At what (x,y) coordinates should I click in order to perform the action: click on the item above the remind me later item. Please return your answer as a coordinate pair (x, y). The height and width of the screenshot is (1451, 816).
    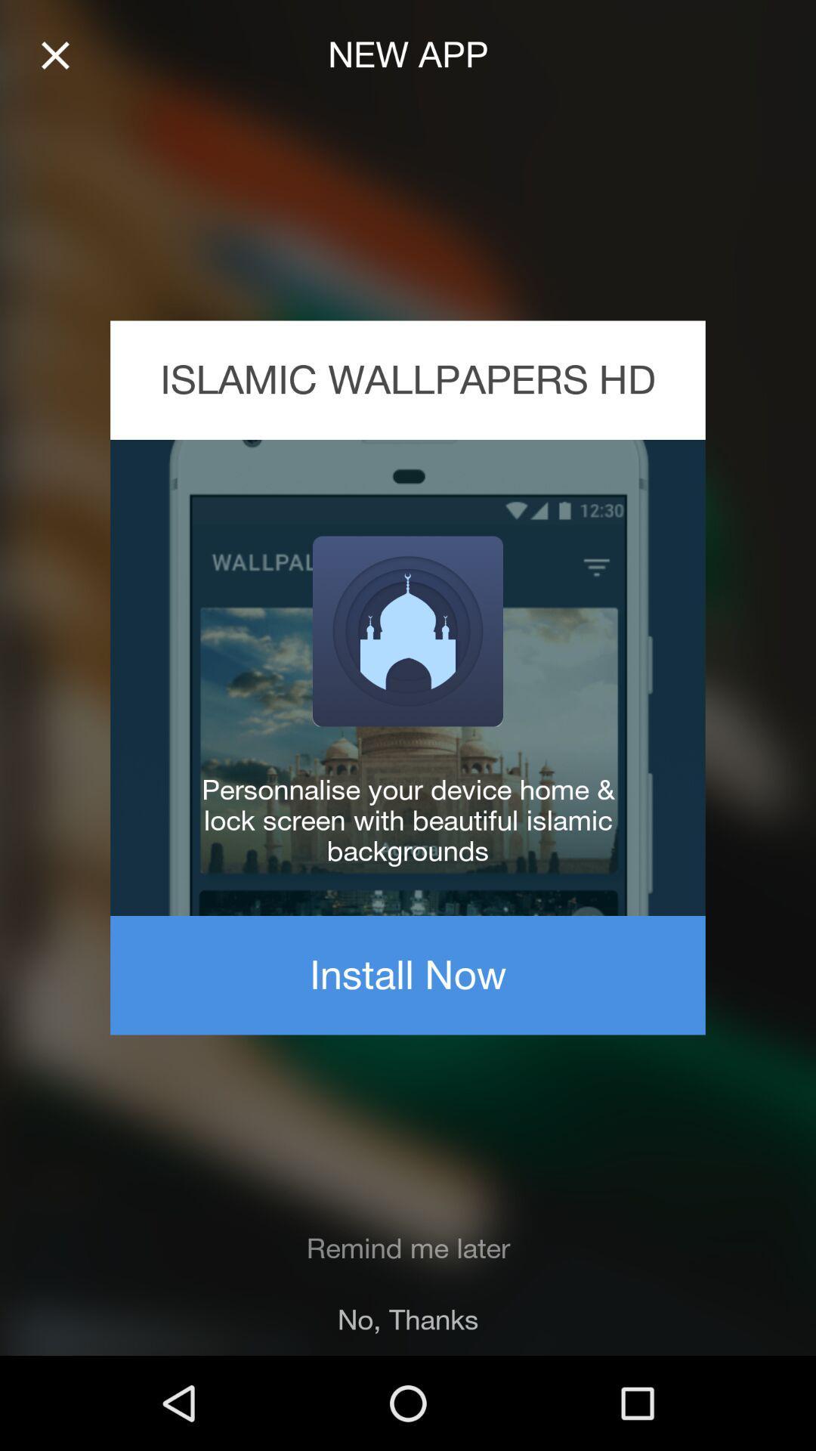
    Looking at the image, I should click on (408, 975).